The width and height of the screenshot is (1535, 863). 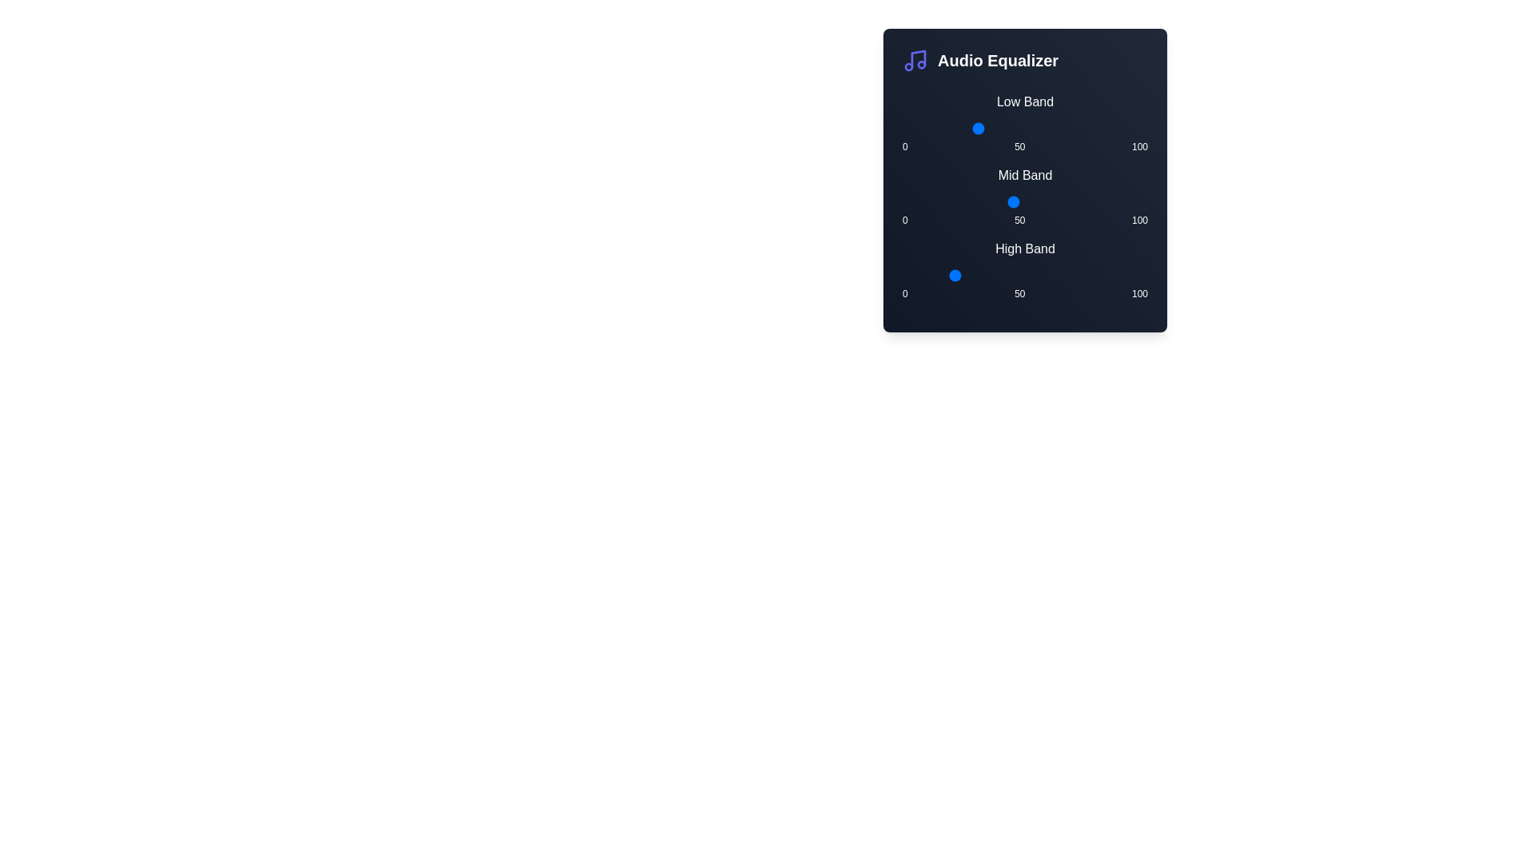 What do you see at coordinates (951, 274) in the screenshot?
I see `the High Band slider to 20` at bounding box center [951, 274].